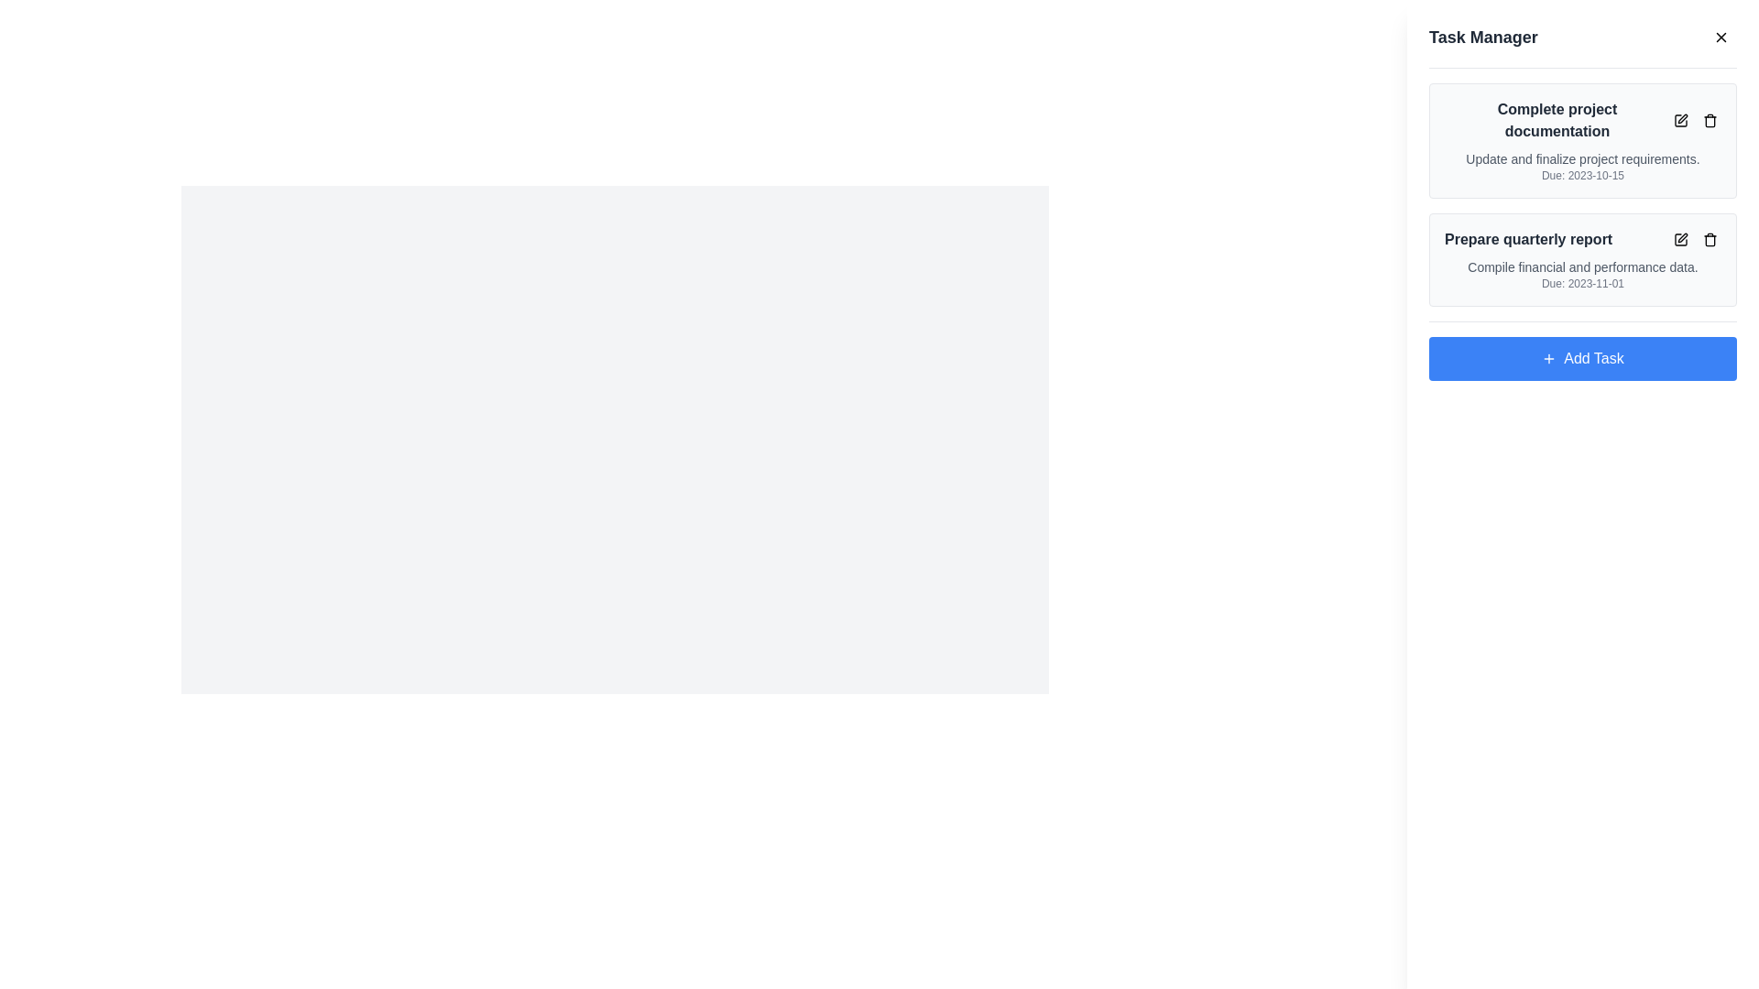 This screenshot has height=989, width=1759. I want to click on the edit icon button, which is represented by a square with a pen overlay, located near the top right corner of the second task's card in the Task Manager panel, so click(1680, 239).